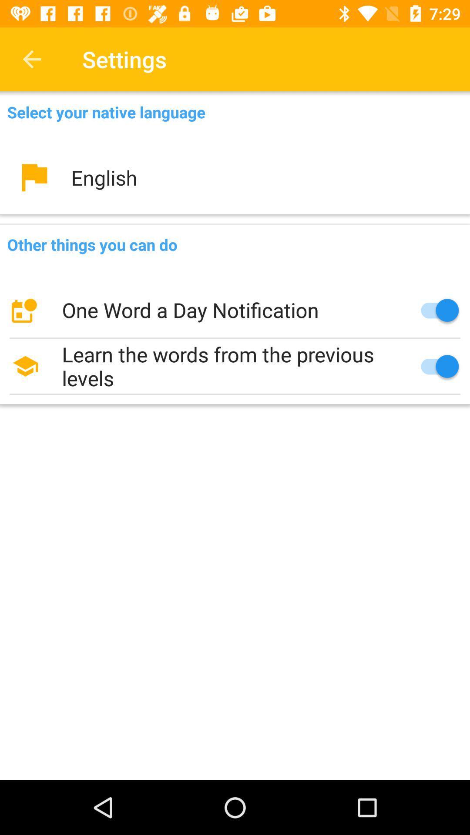  Describe the element at coordinates (235, 310) in the screenshot. I see `item below the other things you icon` at that location.